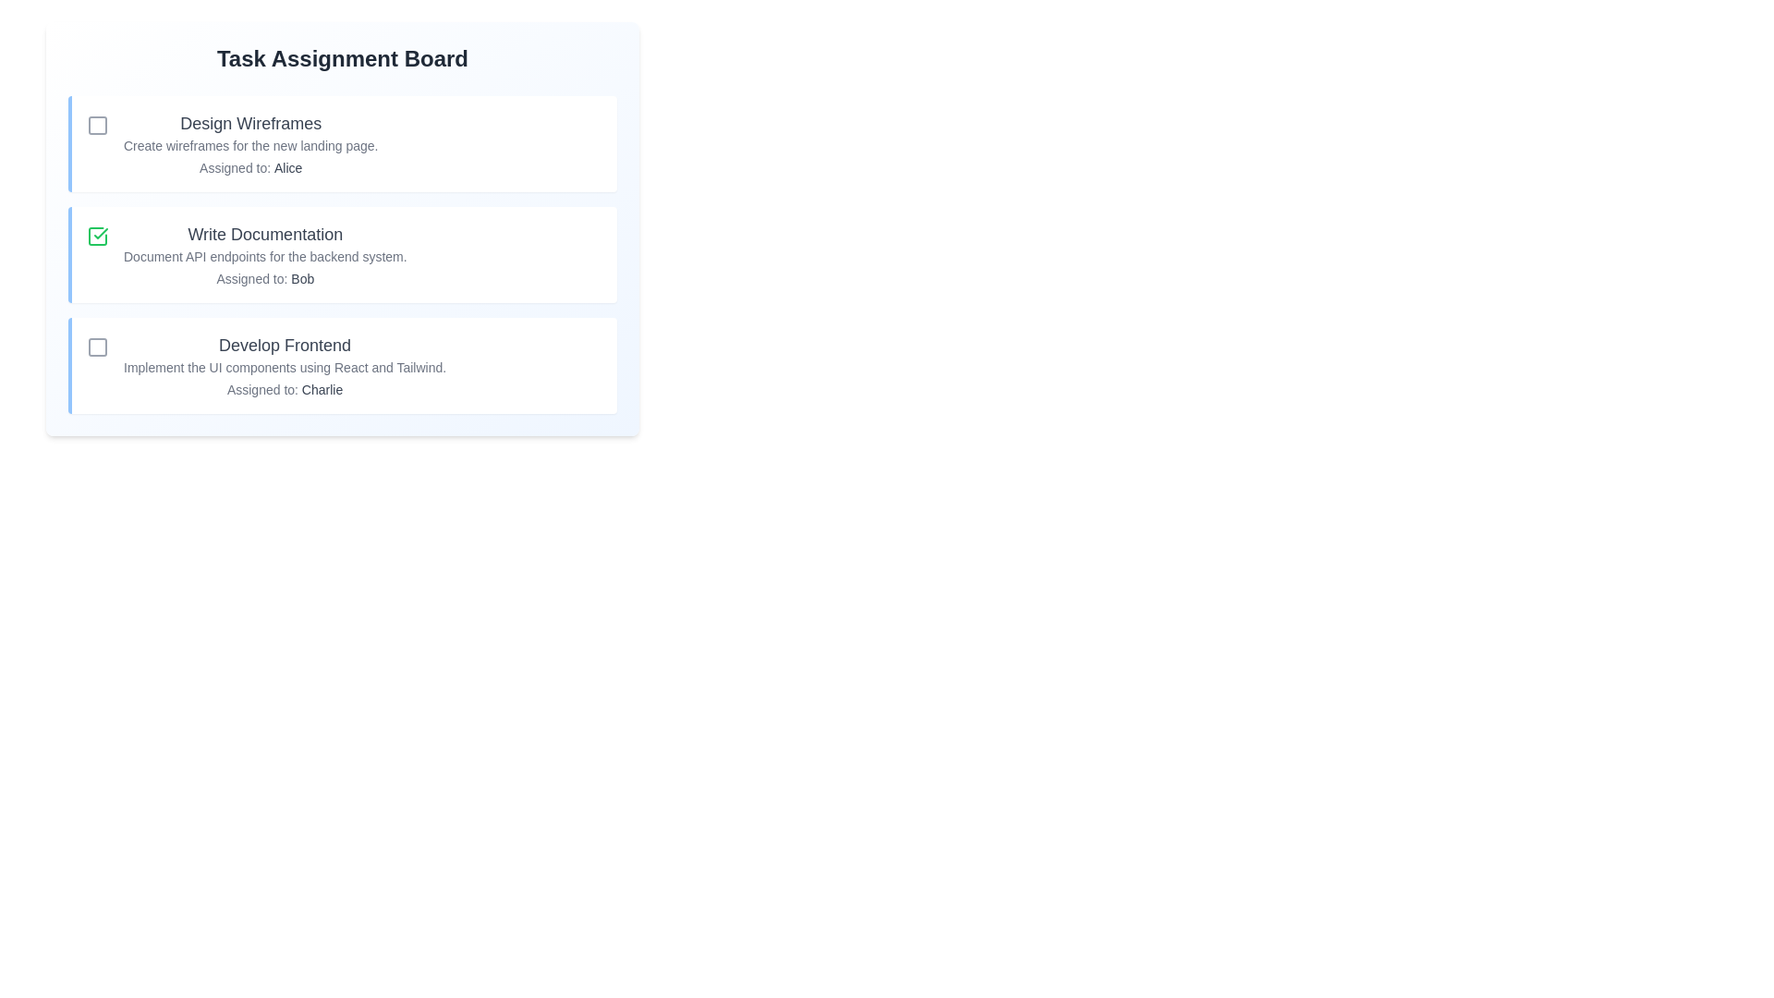 The width and height of the screenshot is (1774, 998). Describe the element at coordinates (342, 227) in the screenshot. I see `the Informational card titled 'Task Assignment Board' to highlight its content` at that location.